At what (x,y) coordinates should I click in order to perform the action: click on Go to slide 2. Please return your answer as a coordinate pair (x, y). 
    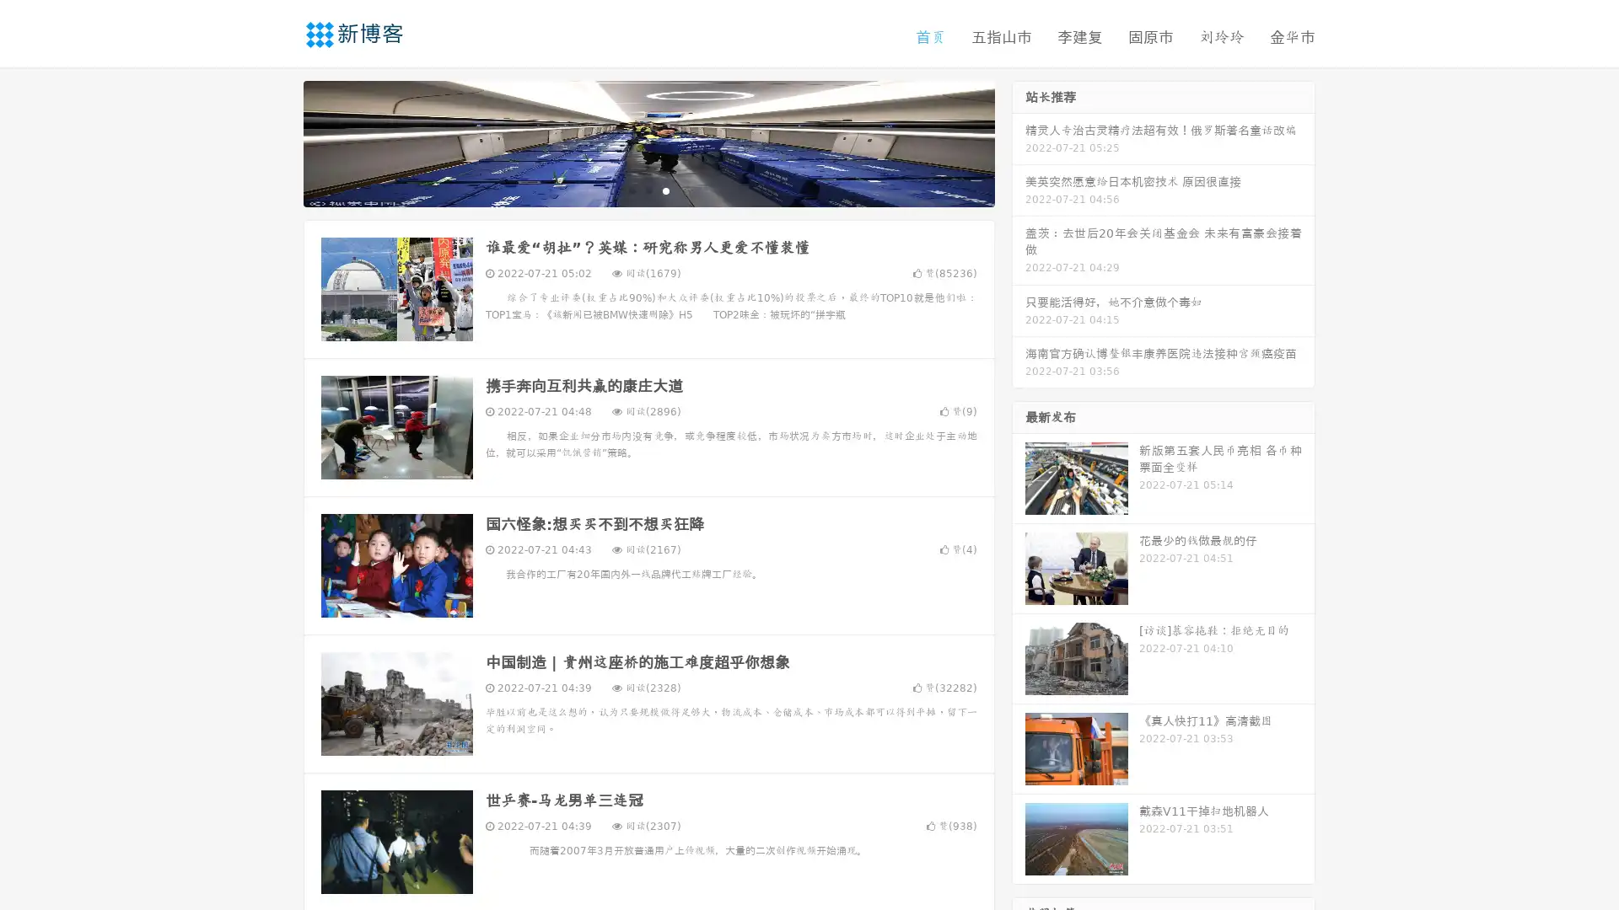
    Looking at the image, I should click on (648, 190).